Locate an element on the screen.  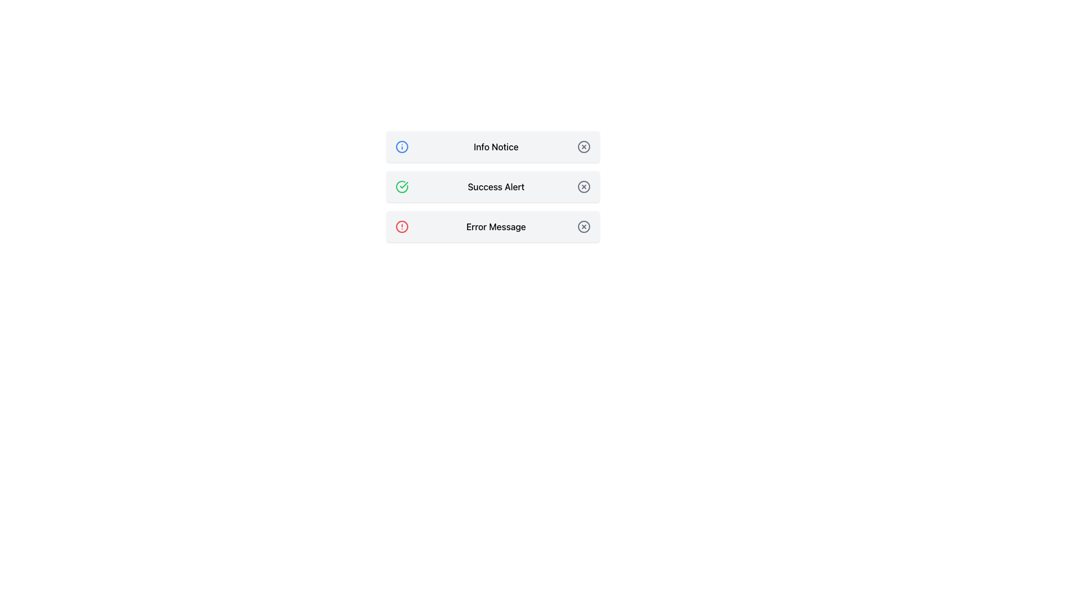
the text label element reading 'Success Alert', which is styled with medium font weight inside an alert box, positioned to the right of a green checkmark icon is located at coordinates (495, 186).